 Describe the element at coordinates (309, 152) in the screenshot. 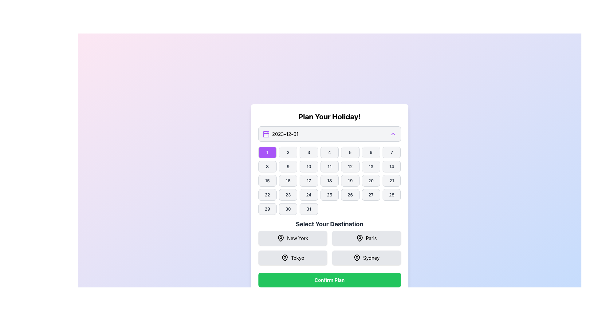

I see `the button displaying the number '3' in the 'Plan Your Holiday!' section` at that location.